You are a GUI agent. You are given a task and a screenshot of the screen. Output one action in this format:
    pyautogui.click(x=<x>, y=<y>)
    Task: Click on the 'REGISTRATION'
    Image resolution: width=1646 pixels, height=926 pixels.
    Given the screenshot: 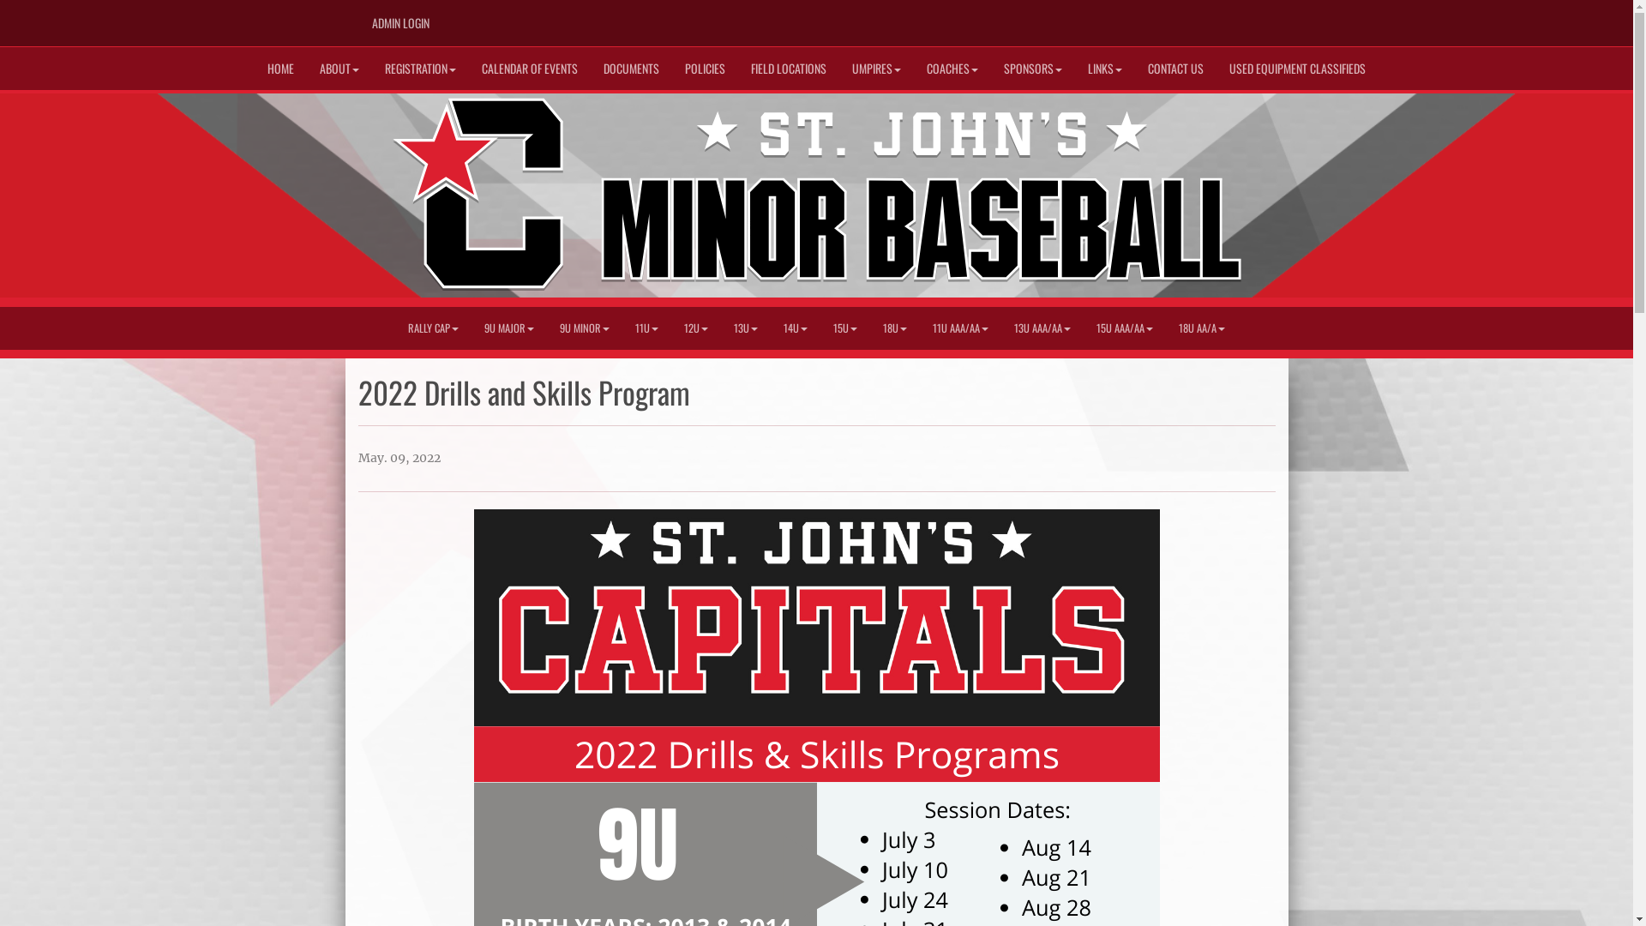 What is the action you would take?
    pyautogui.click(x=420, y=68)
    